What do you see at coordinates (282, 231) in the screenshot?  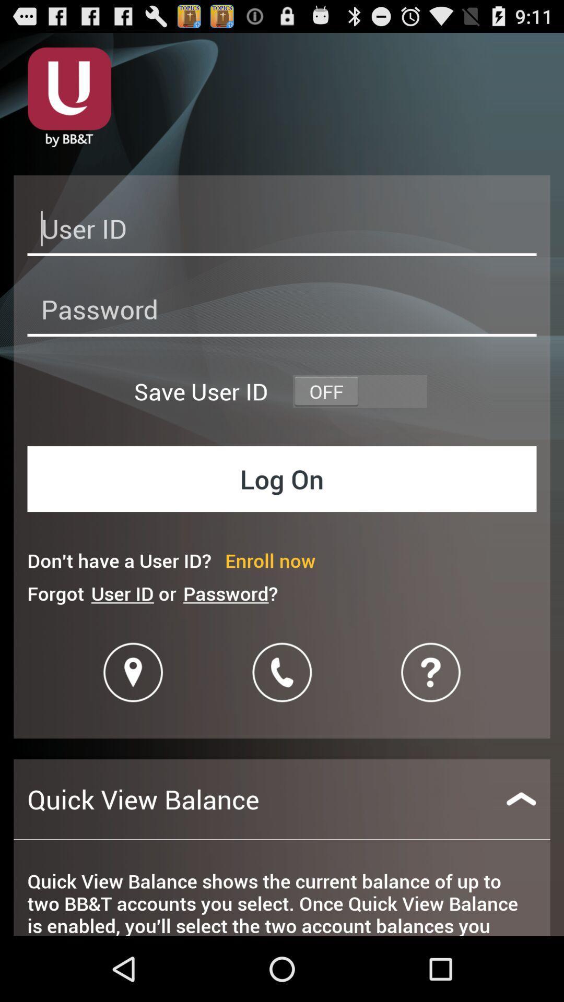 I see `the userid` at bounding box center [282, 231].